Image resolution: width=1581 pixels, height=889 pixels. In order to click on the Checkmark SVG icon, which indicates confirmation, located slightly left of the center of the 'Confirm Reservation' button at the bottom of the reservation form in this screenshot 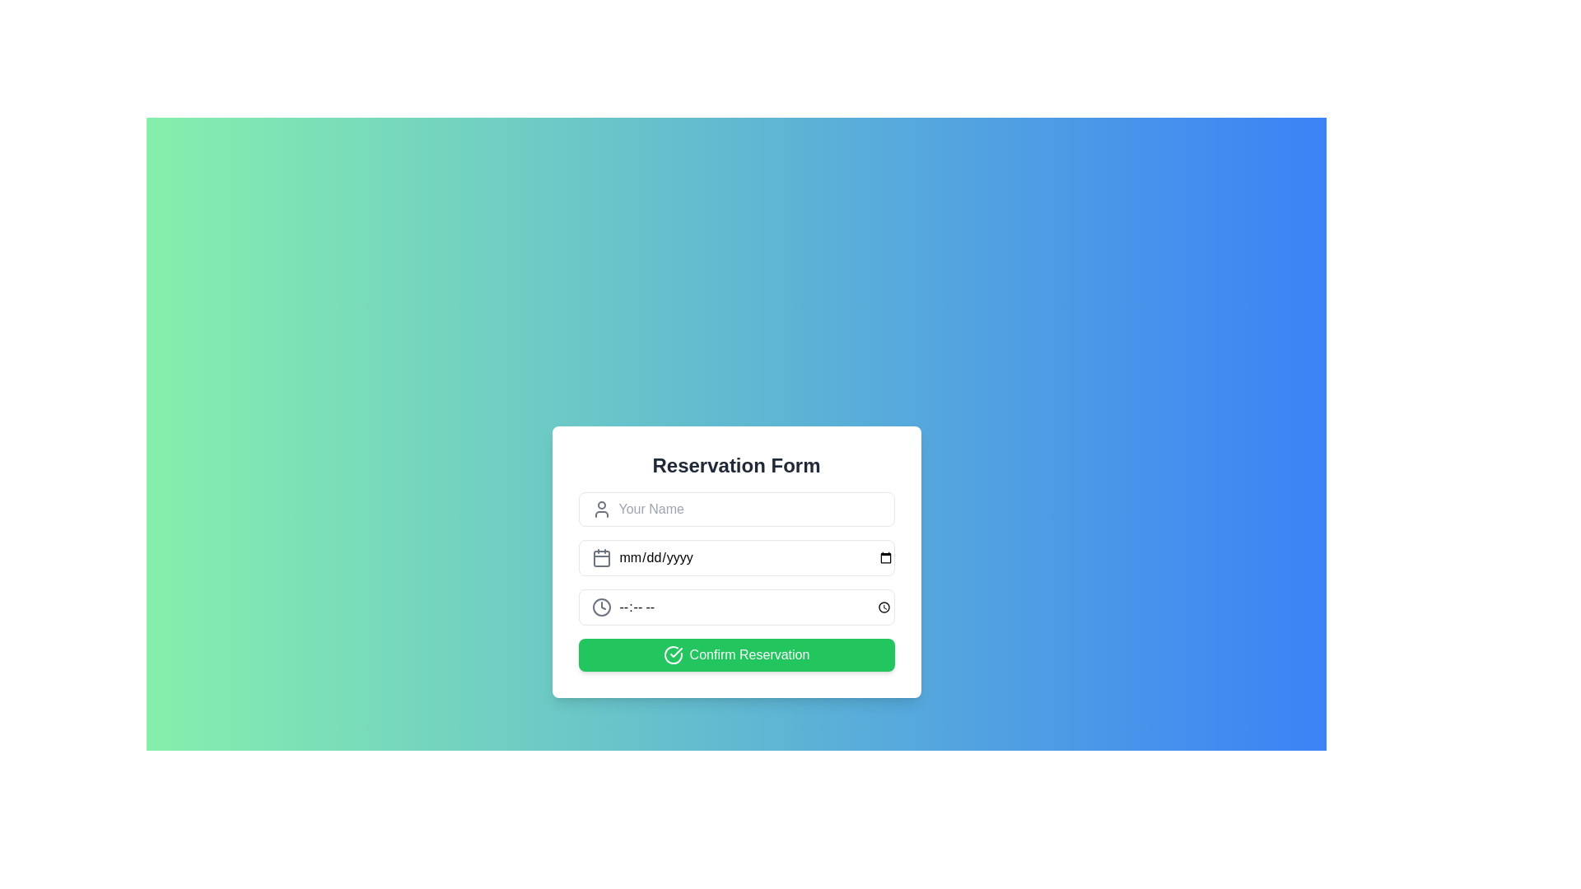, I will do `click(673, 654)`.